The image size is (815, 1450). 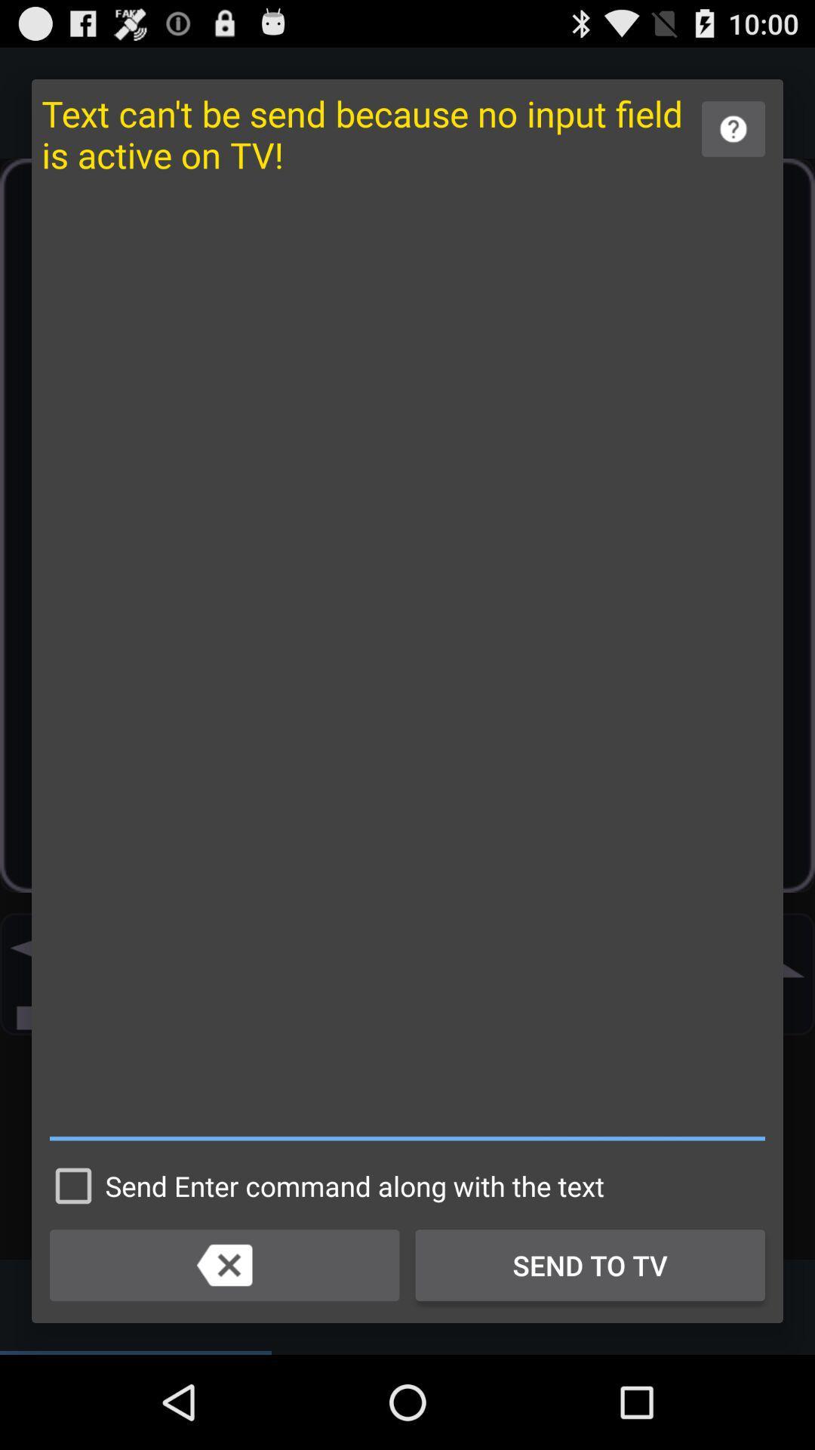 What do you see at coordinates (733, 129) in the screenshot?
I see `access help` at bounding box center [733, 129].